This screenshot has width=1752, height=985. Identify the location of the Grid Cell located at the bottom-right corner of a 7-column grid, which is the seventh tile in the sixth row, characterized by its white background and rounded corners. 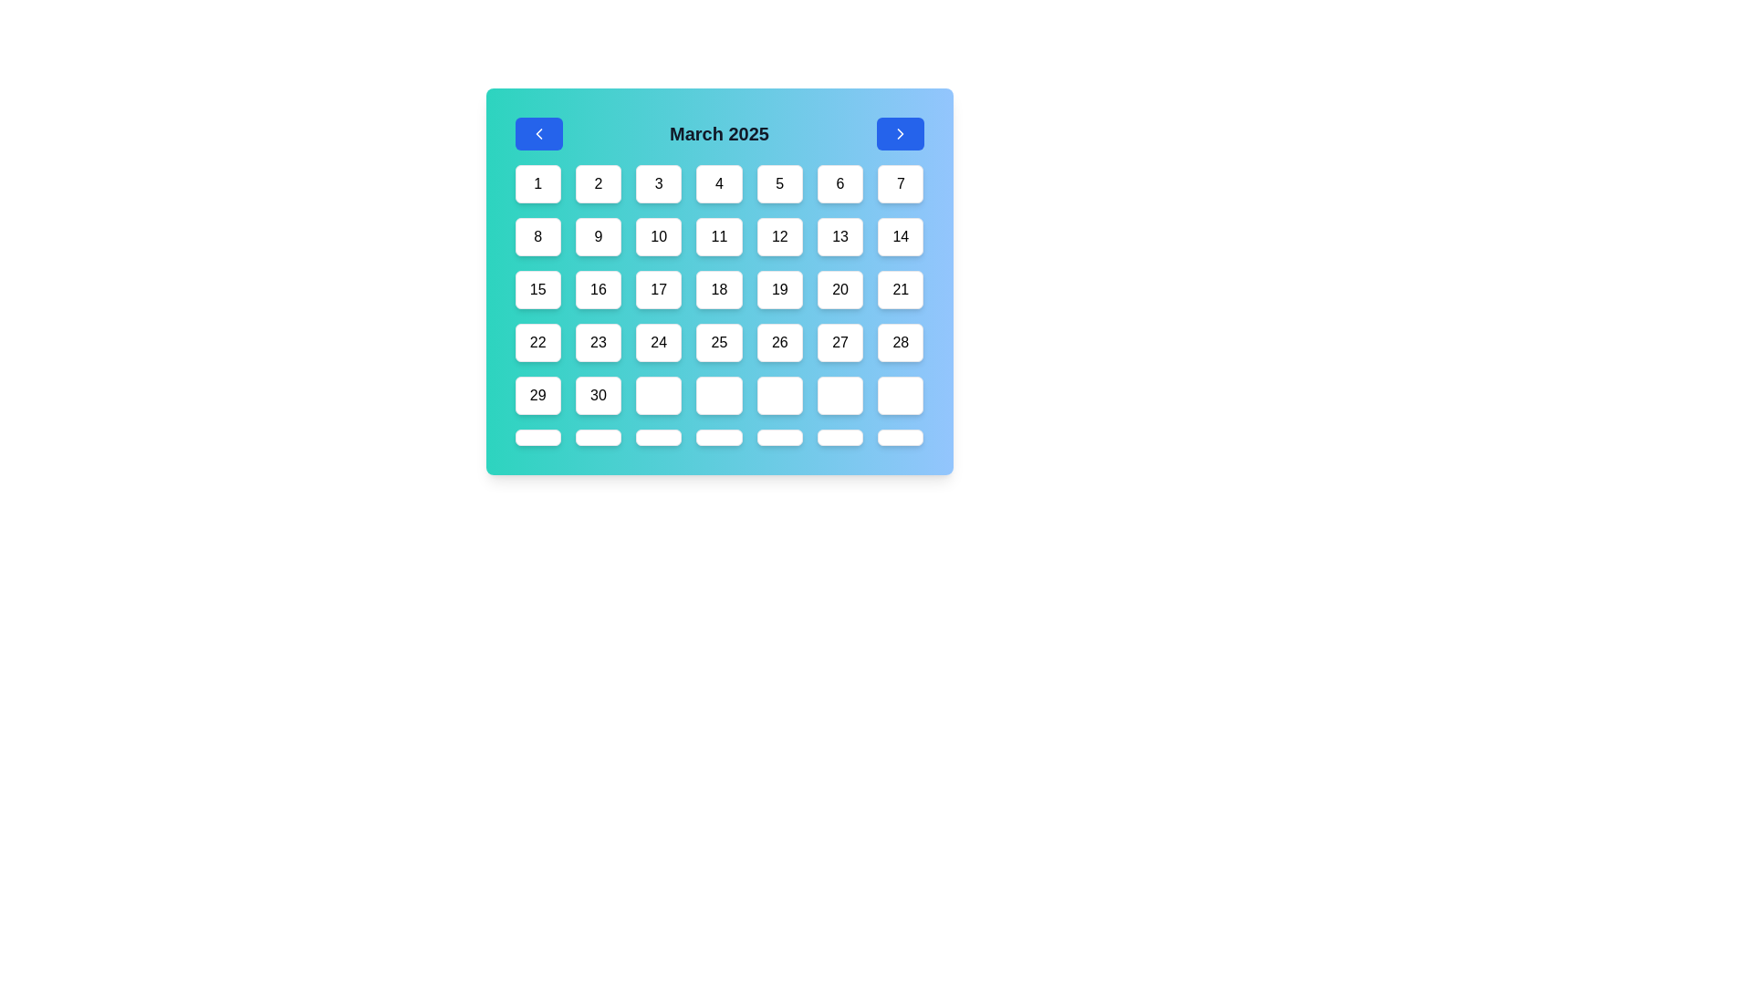
(901, 395).